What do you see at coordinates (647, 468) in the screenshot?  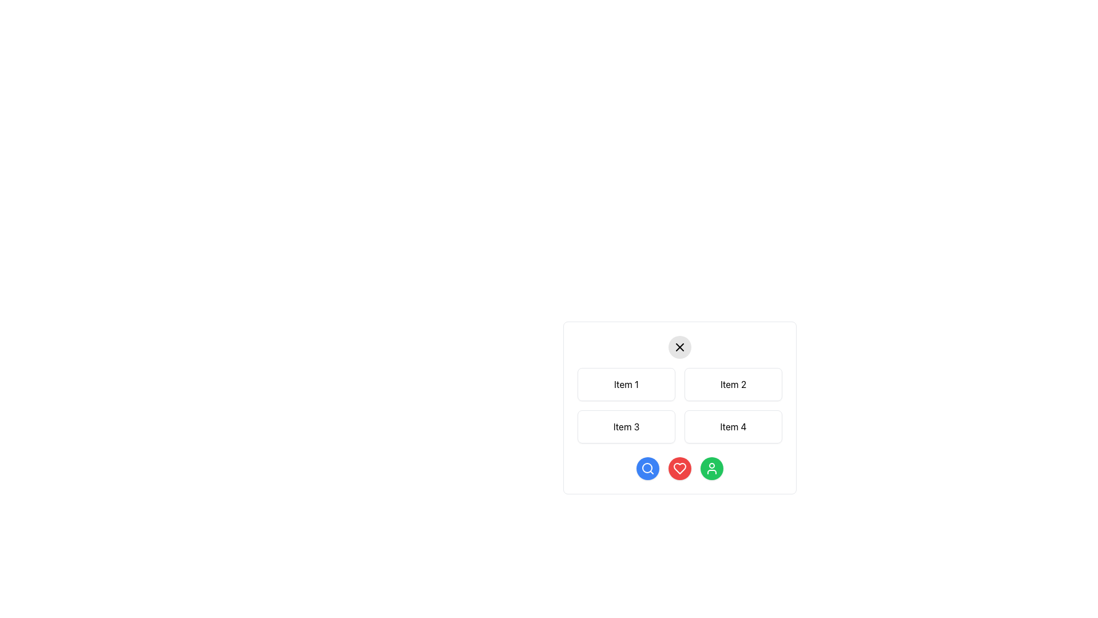 I see `Circle SVG Element, which serves as the core circular outline of the search icon located in the upper center of the interface` at bounding box center [647, 468].